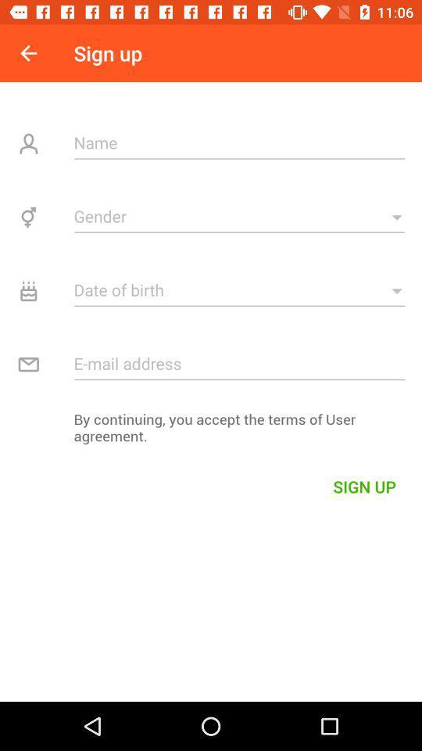  Describe the element at coordinates (211, 431) in the screenshot. I see `the item above sign up` at that location.